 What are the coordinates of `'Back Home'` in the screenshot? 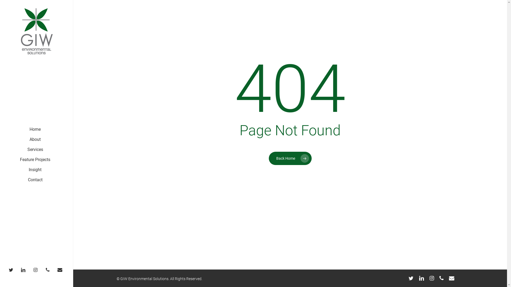 It's located at (290, 158).